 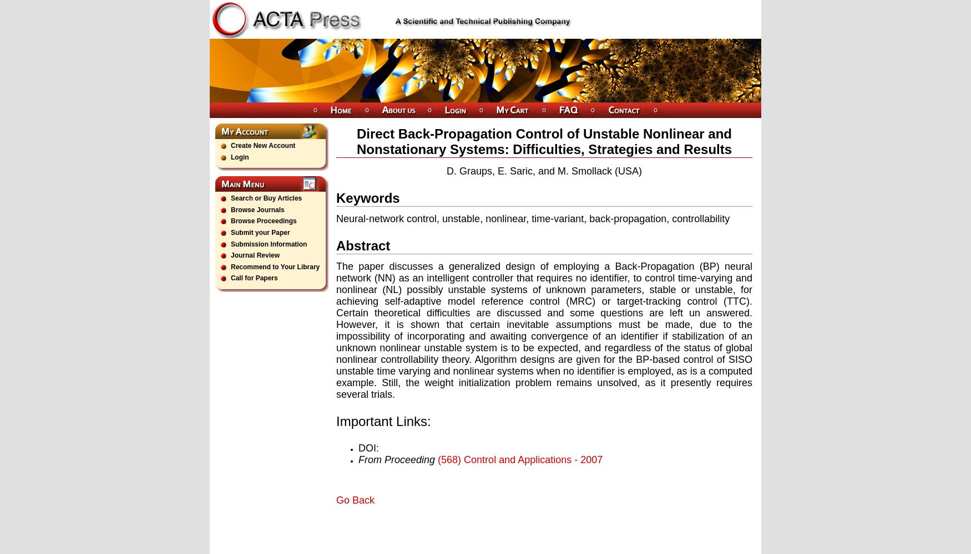 What do you see at coordinates (355, 500) in the screenshot?
I see `'Go Back'` at bounding box center [355, 500].